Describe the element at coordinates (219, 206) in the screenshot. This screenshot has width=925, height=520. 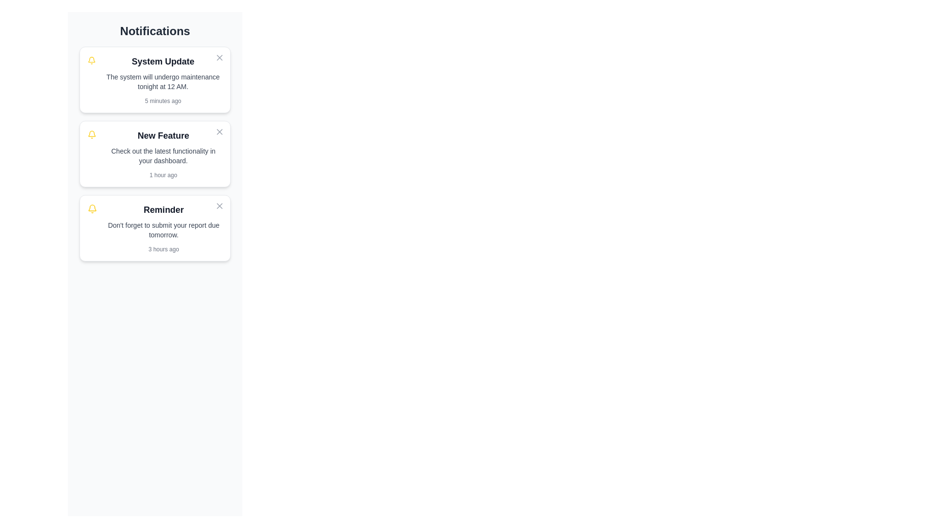
I see `the graphical close icon located at the top-right corner of the 'System Update' notification card` at that location.